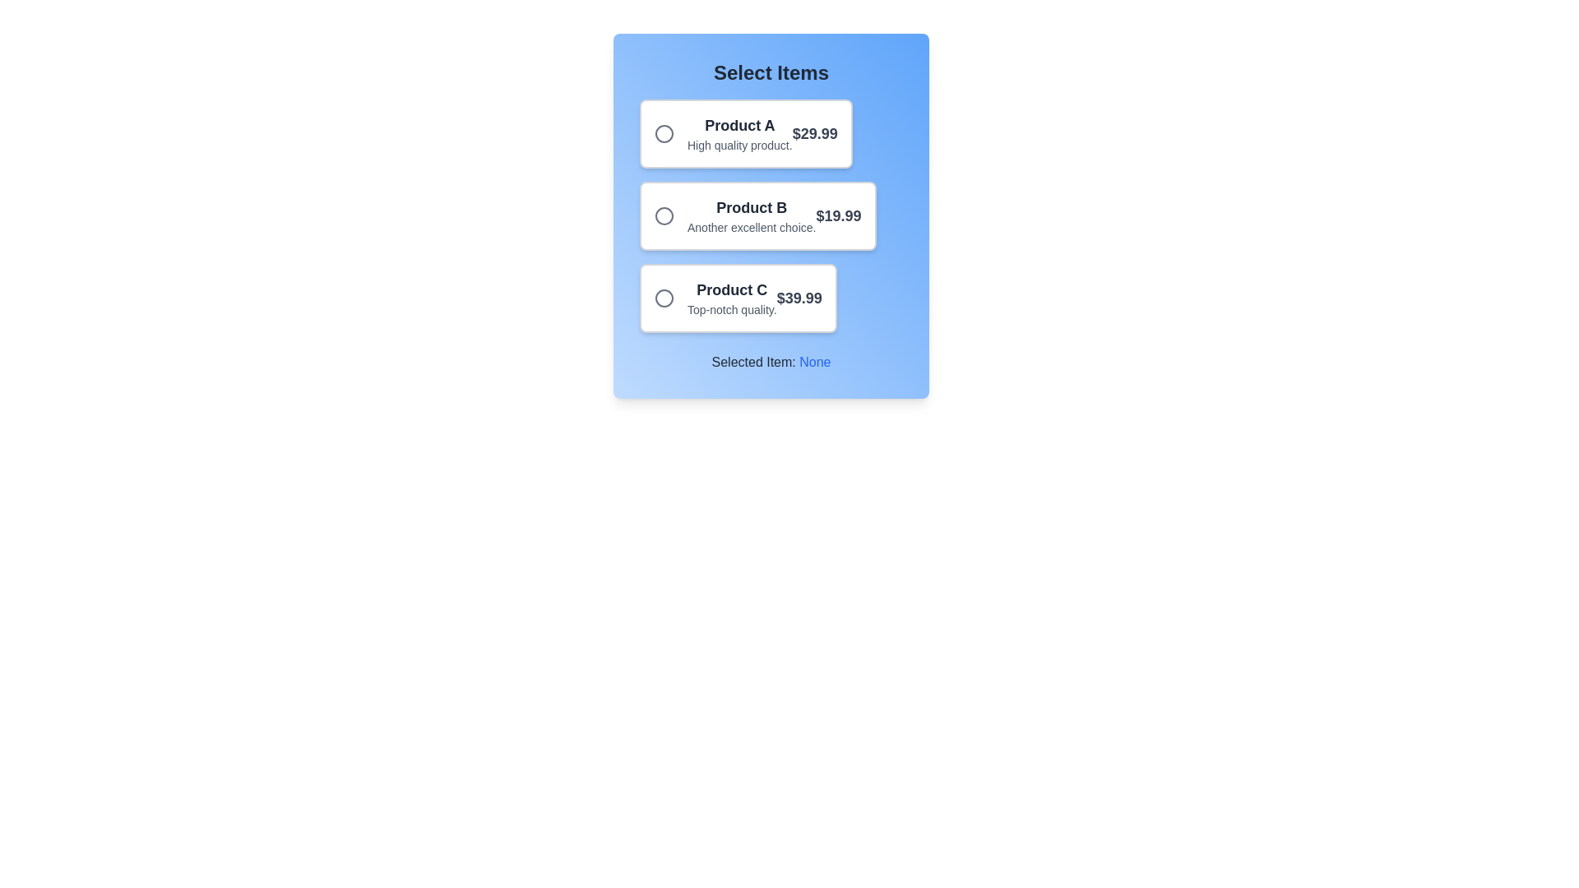 This screenshot has height=888, width=1579. I want to click on the text block that provides the title and description of 'Product C', which is located within the third card labeled 'Product C' with the description 'Top-notch quality.', so click(731, 298).